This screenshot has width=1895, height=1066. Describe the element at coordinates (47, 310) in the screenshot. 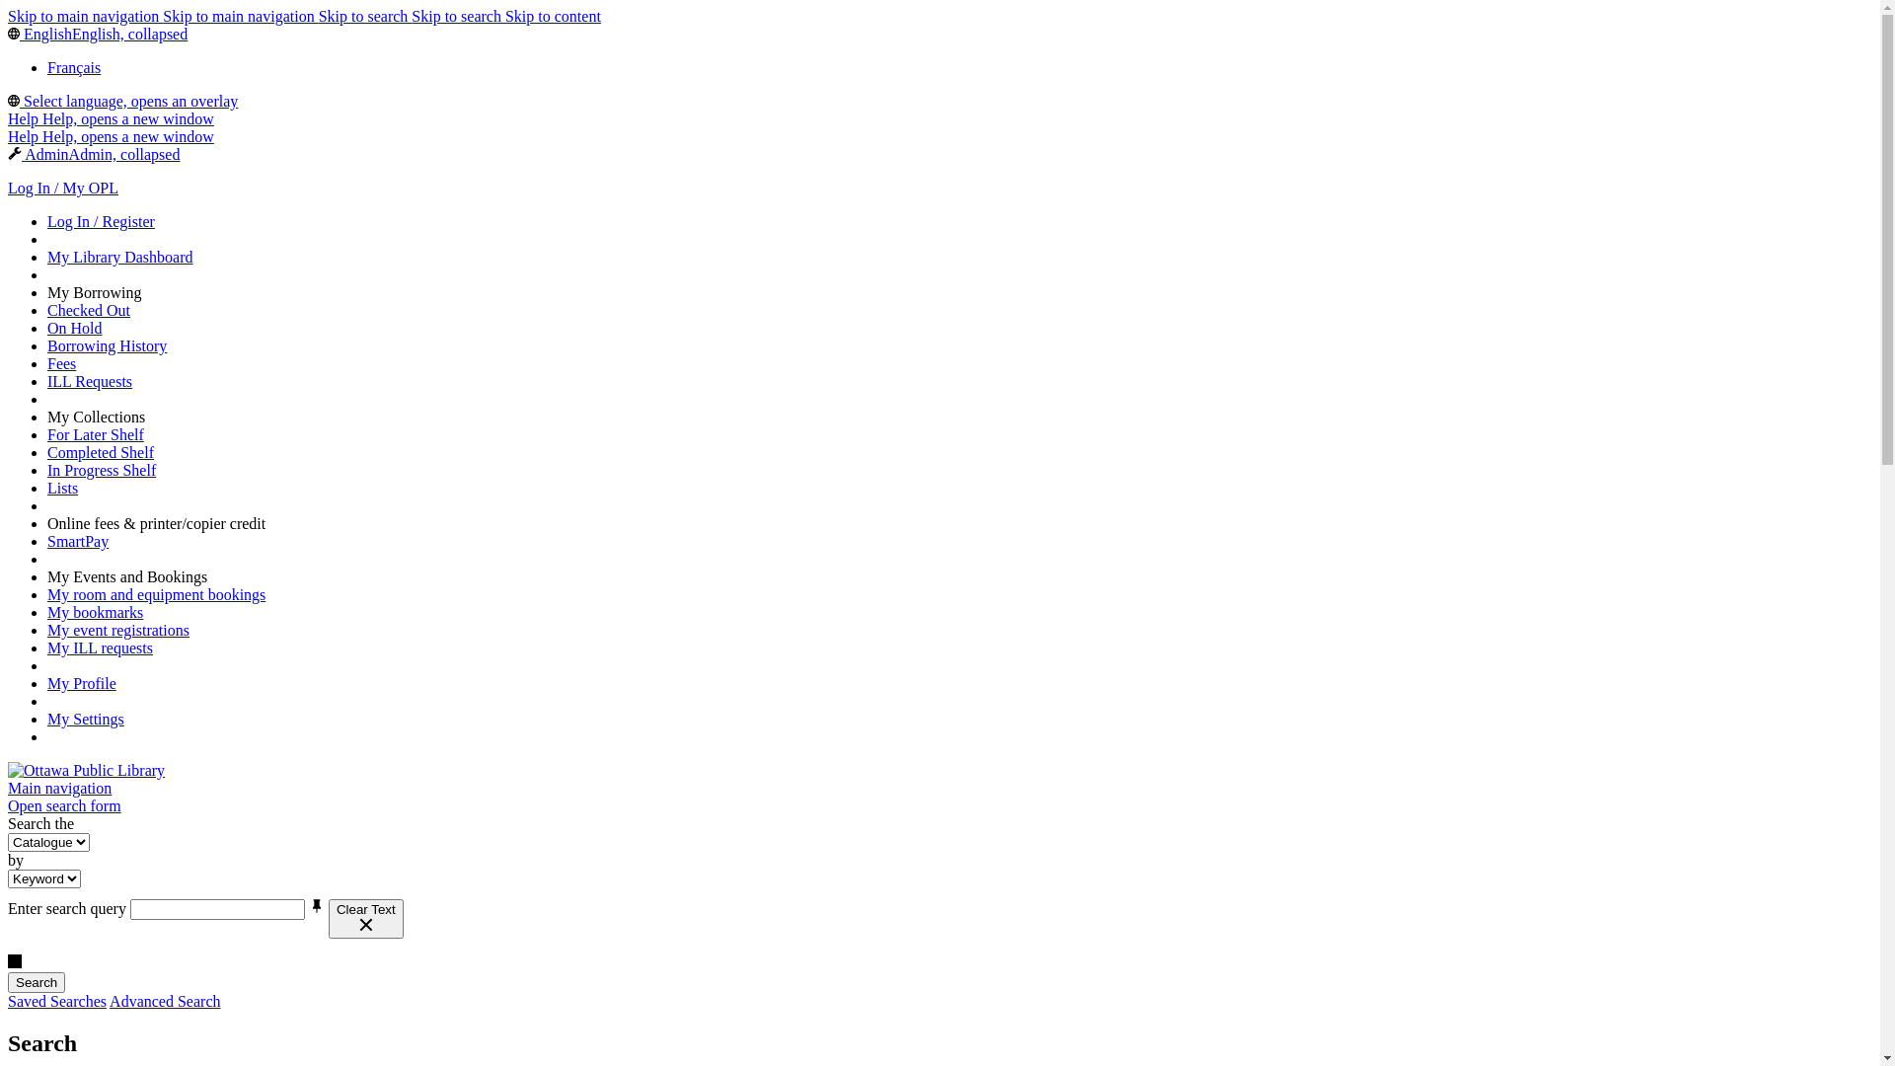

I see `'Checked Out'` at that location.